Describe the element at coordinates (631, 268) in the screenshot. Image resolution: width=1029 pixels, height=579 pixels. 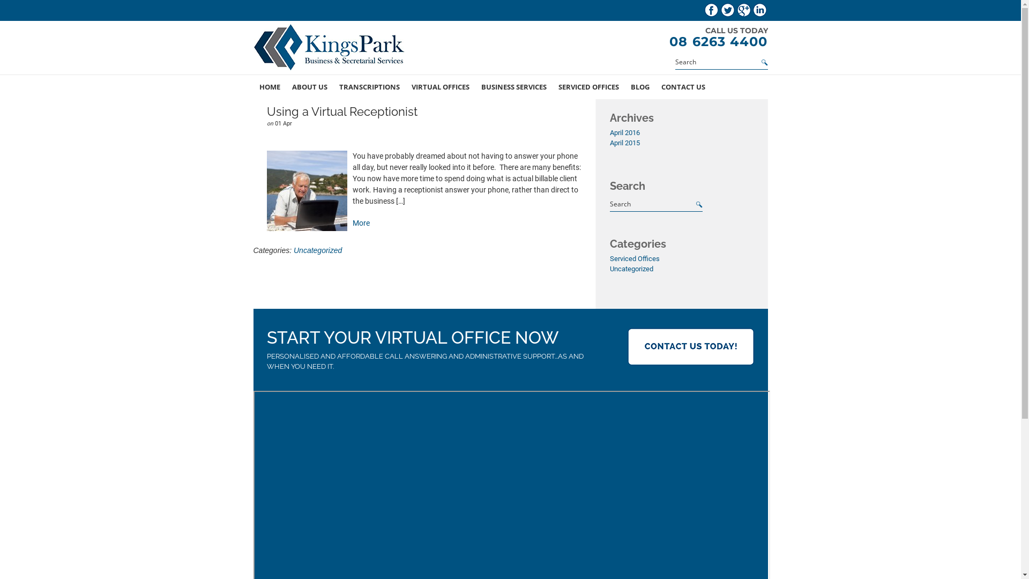
I see `'Uncategorized'` at that location.